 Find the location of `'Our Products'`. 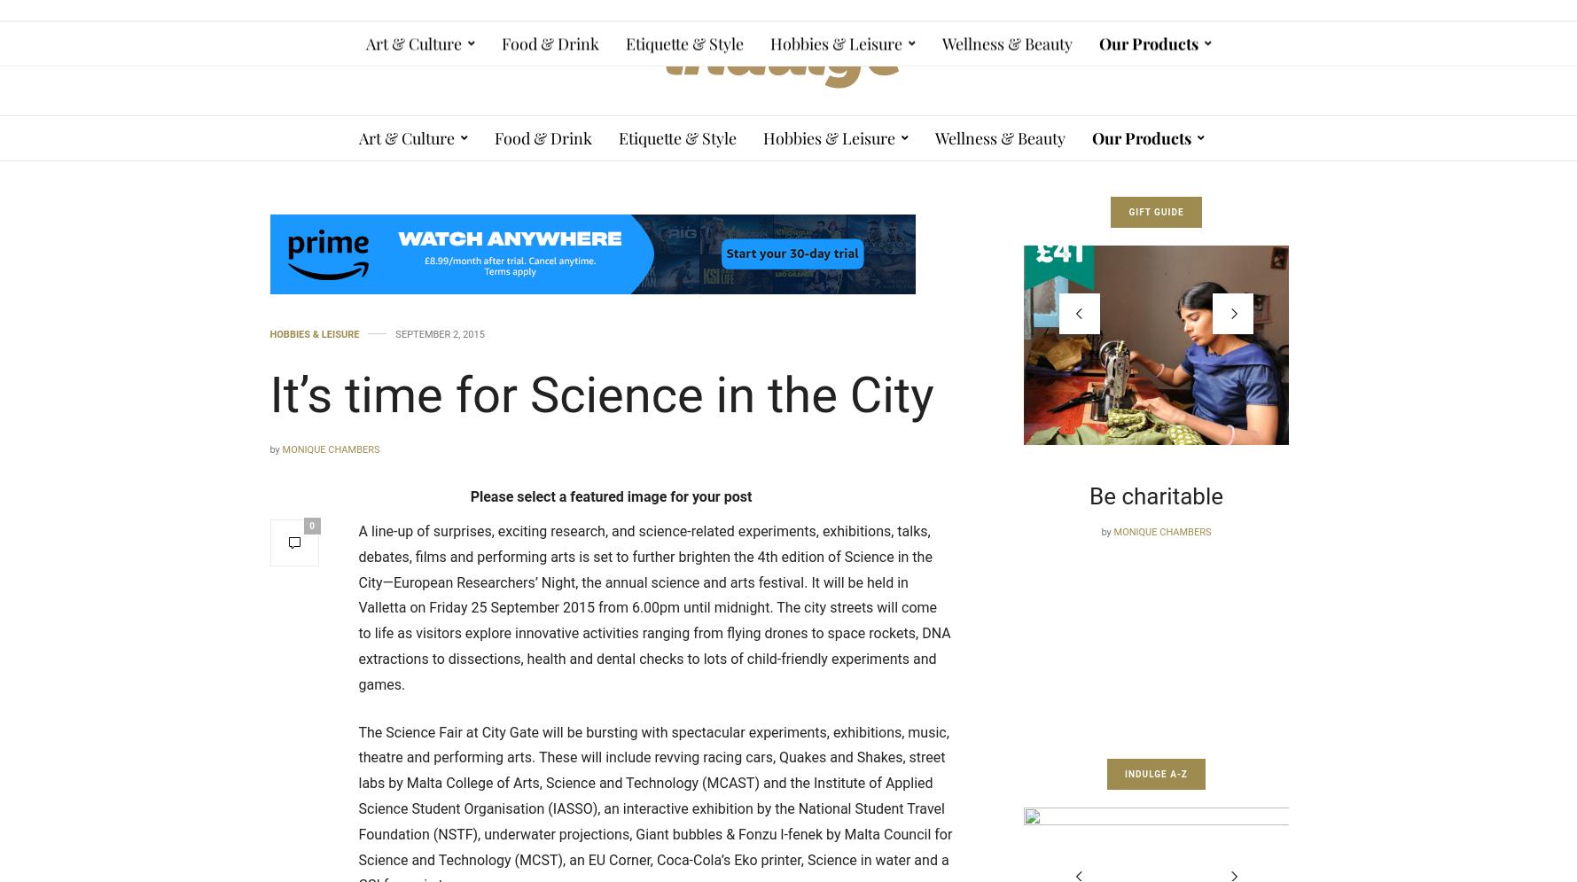

'Our Products' is located at coordinates (1141, 138).